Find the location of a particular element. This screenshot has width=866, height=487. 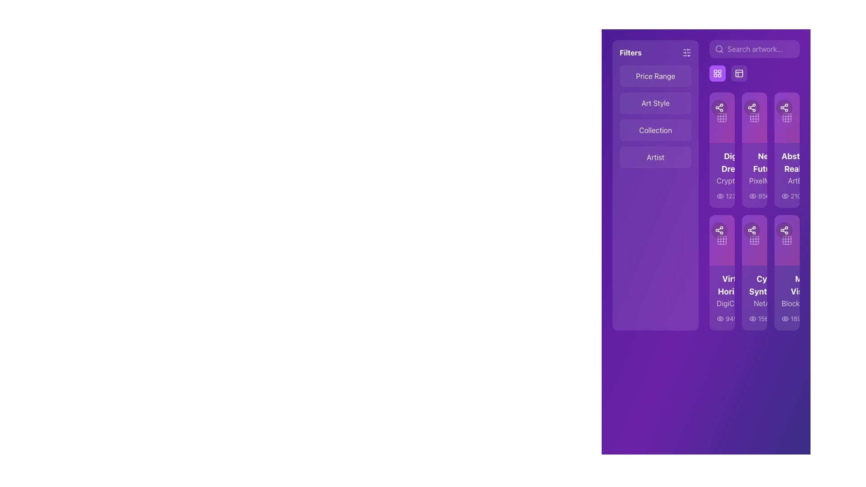

the circular button with a share-like icon located in the top-right corner of the interface is located at coordinates (719, 107).